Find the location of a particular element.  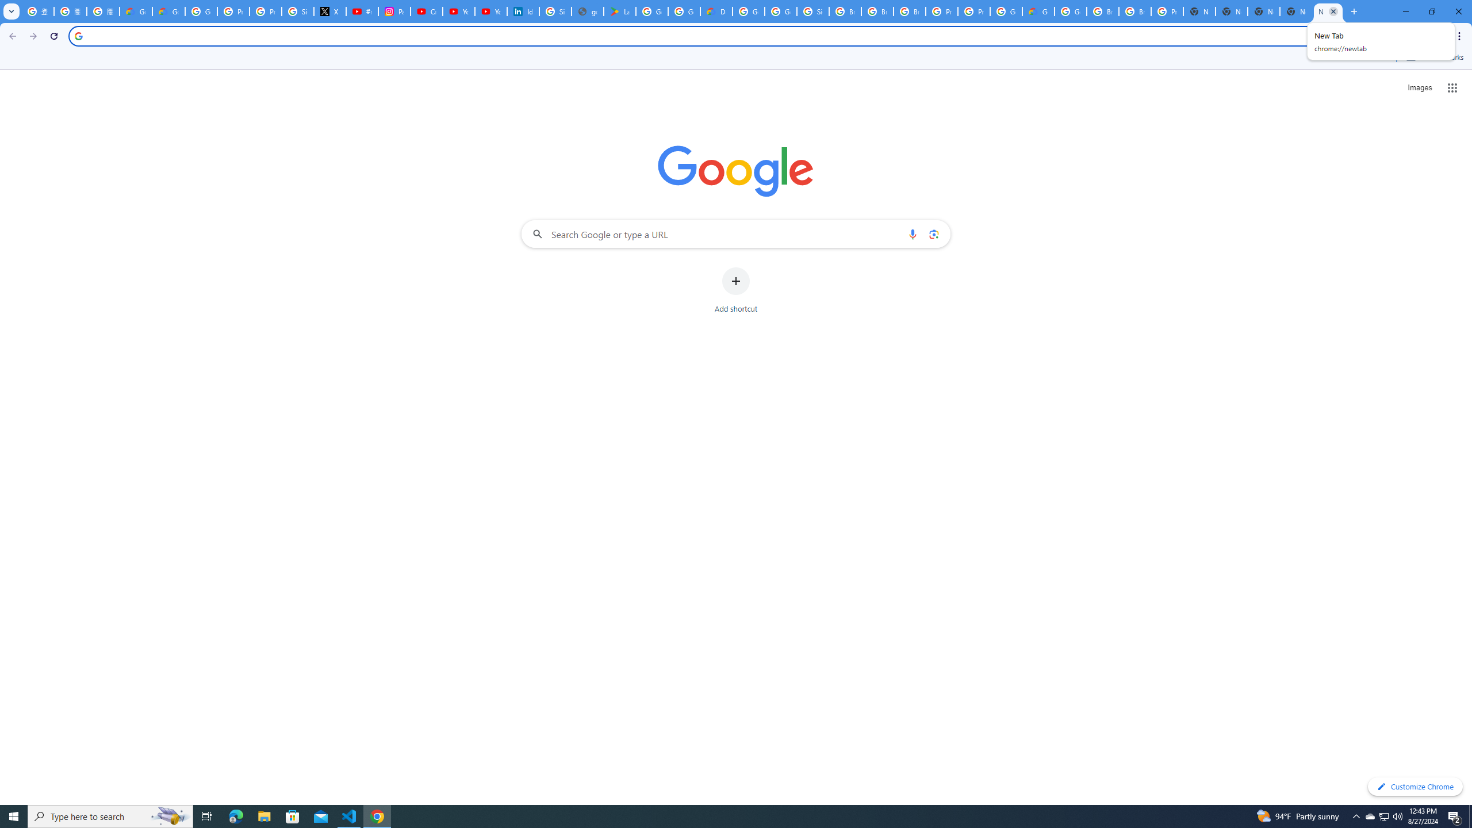

'Customize Chrome' is located at coordinates (1415, 786).